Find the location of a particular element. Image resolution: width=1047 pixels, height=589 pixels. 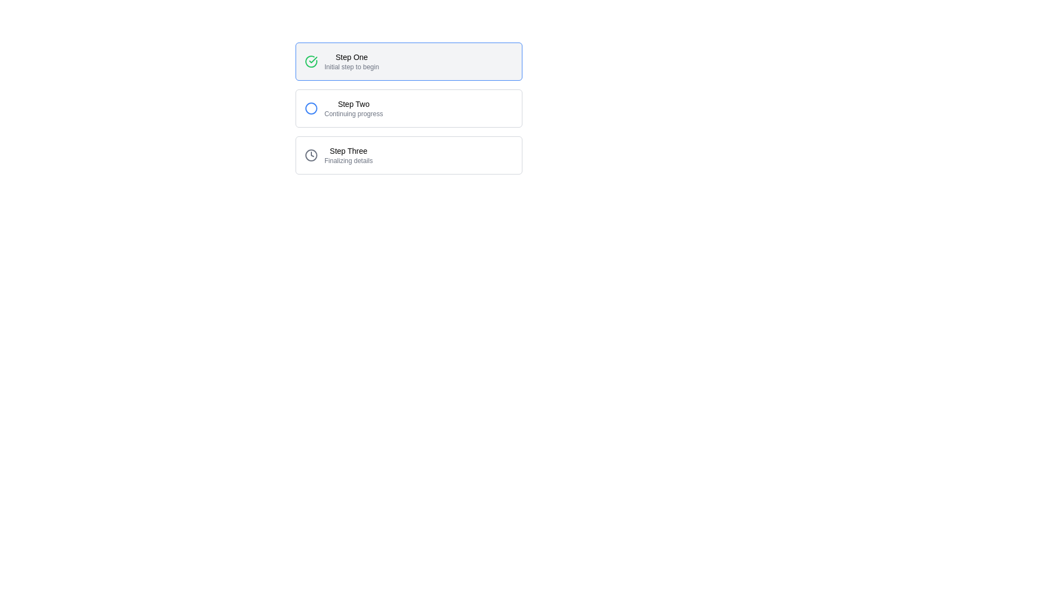

text label that reads 'Step Three' located in the third step of the step progress UI is located at coordinates (348, 151).